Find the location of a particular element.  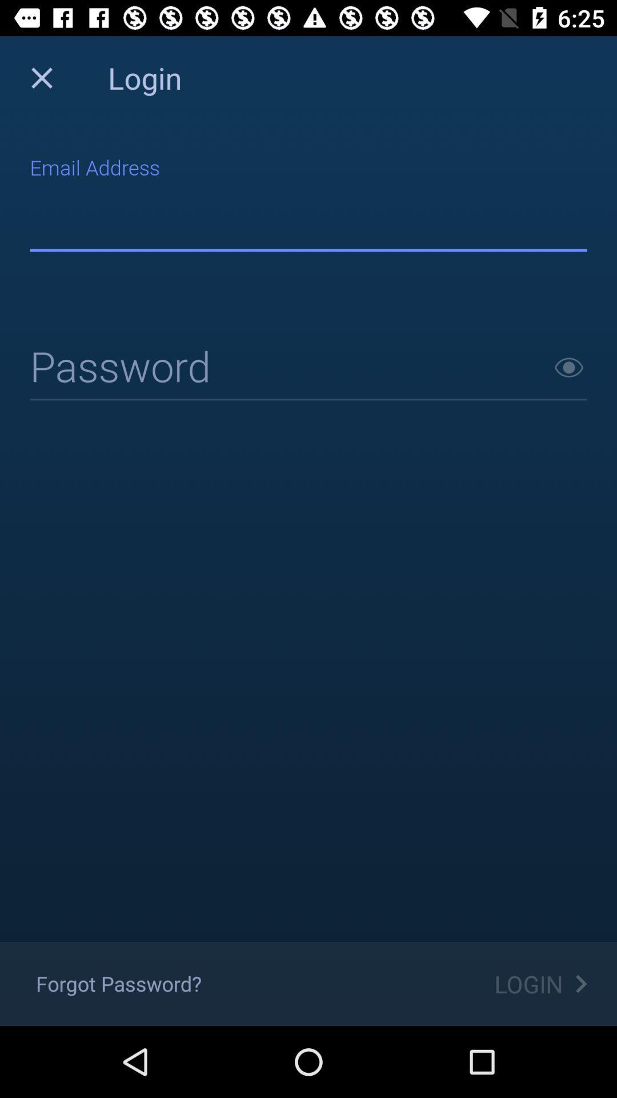

show password button is located at coordinates (568, 367).